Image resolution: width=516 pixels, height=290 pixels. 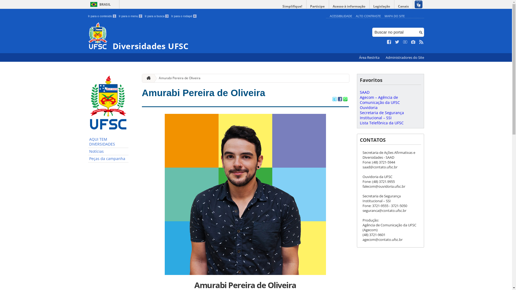 What do you see at coordinates (177, 78) in the screenshot?
I see `'Amurabi Pereira de Oliveira'` at bounding box center [177, 78].